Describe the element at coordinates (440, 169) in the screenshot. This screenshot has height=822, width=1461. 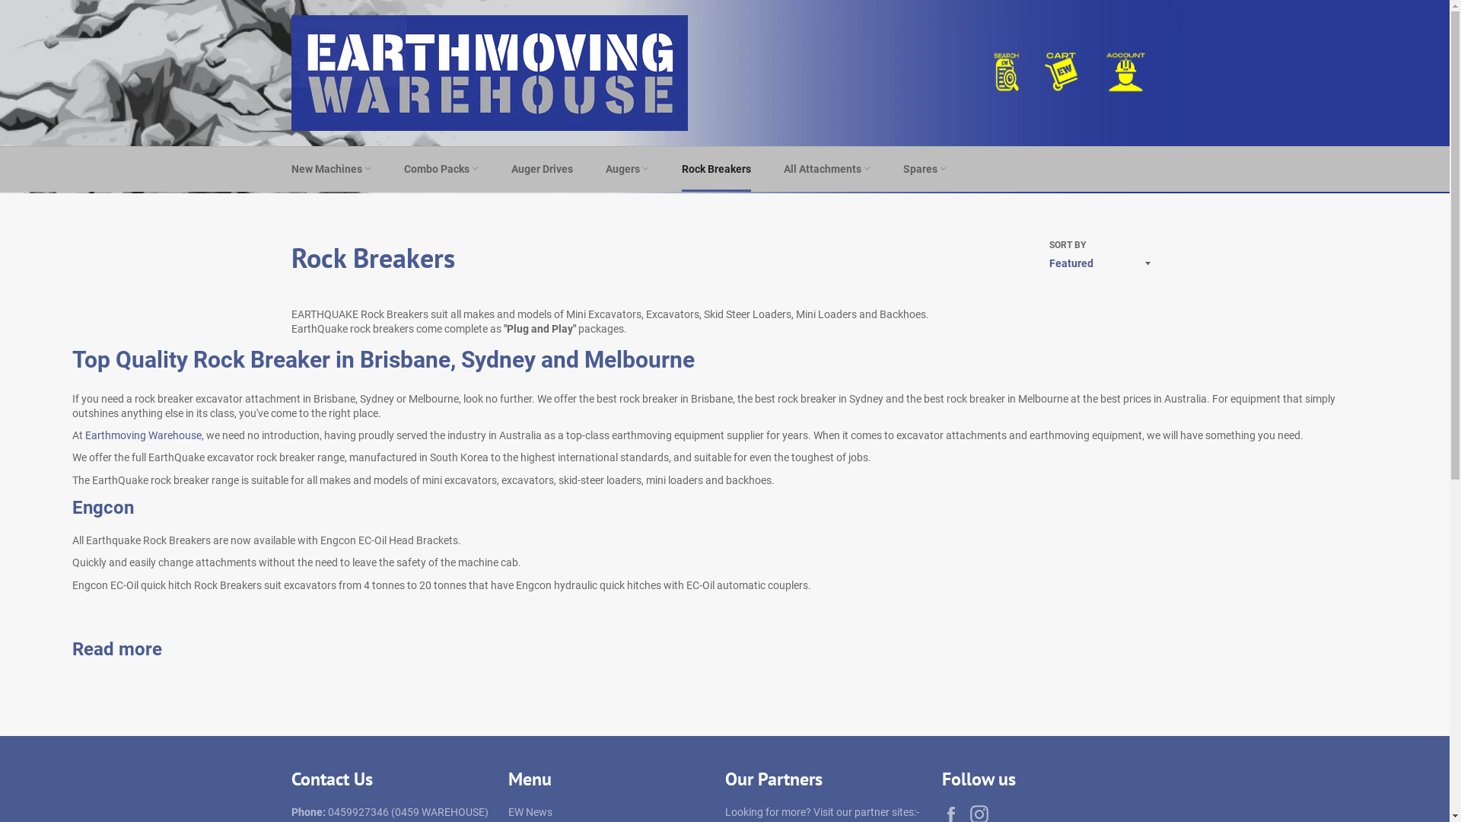
I see `'Combo Packs'` at that location.